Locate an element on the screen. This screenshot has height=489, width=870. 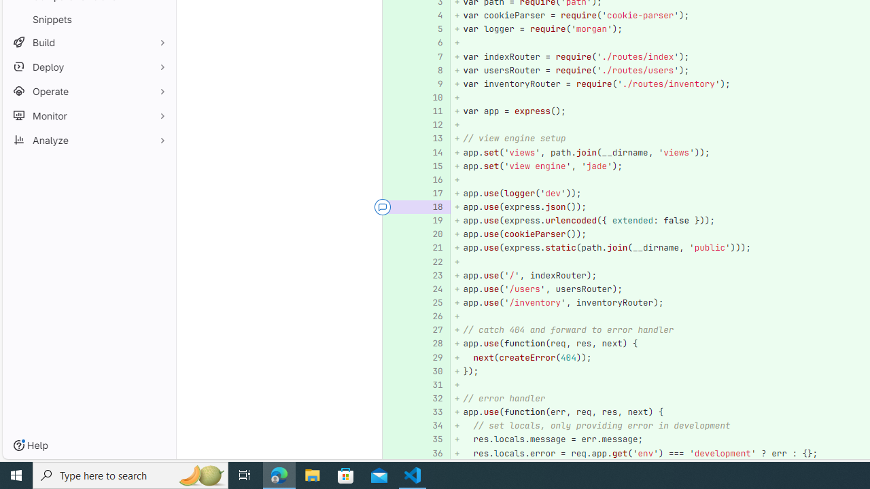
'32' is located at coordinates (432, 398).